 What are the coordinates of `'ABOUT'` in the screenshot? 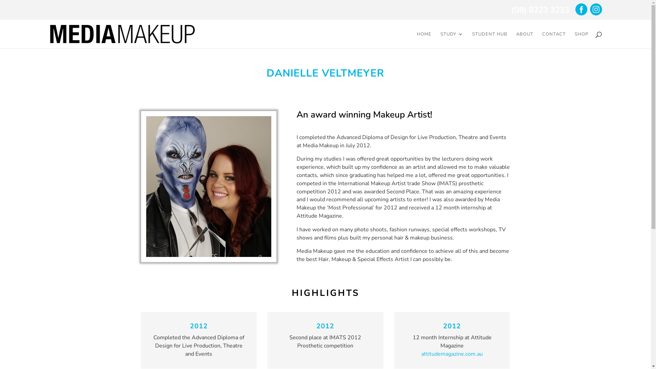 It's located at (516, 40).